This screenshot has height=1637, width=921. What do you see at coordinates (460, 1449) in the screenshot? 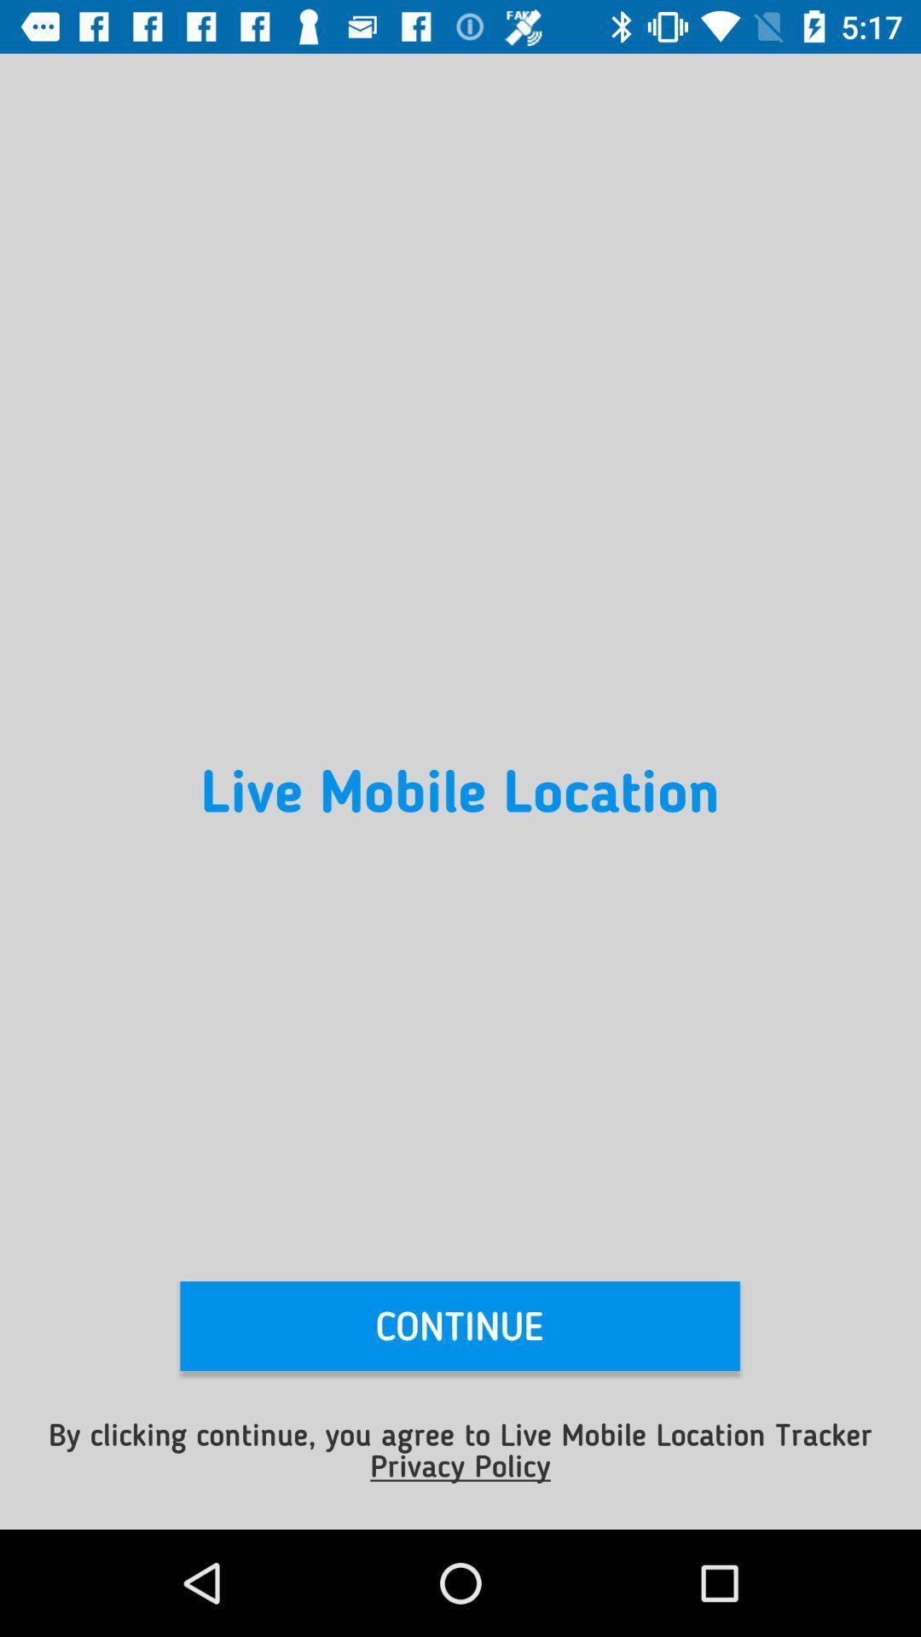
I see `by clicking continue` at bounding box center [460, 1449].